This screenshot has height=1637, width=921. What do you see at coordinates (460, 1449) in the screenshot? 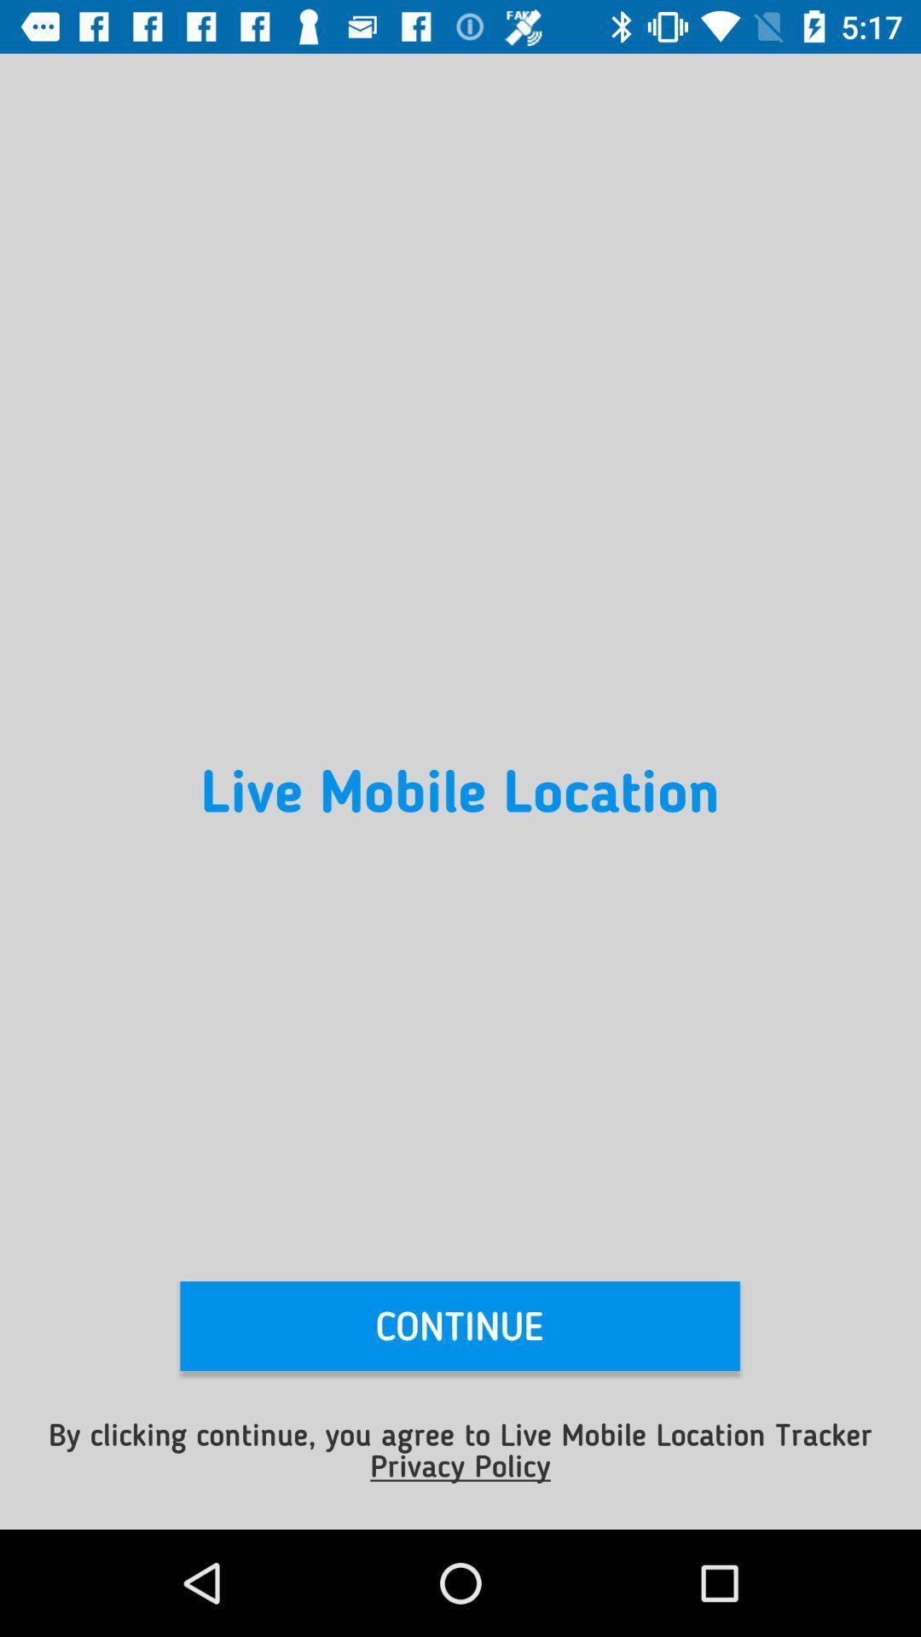
I see `by clicking continue` at bounding box center [460, 1449].